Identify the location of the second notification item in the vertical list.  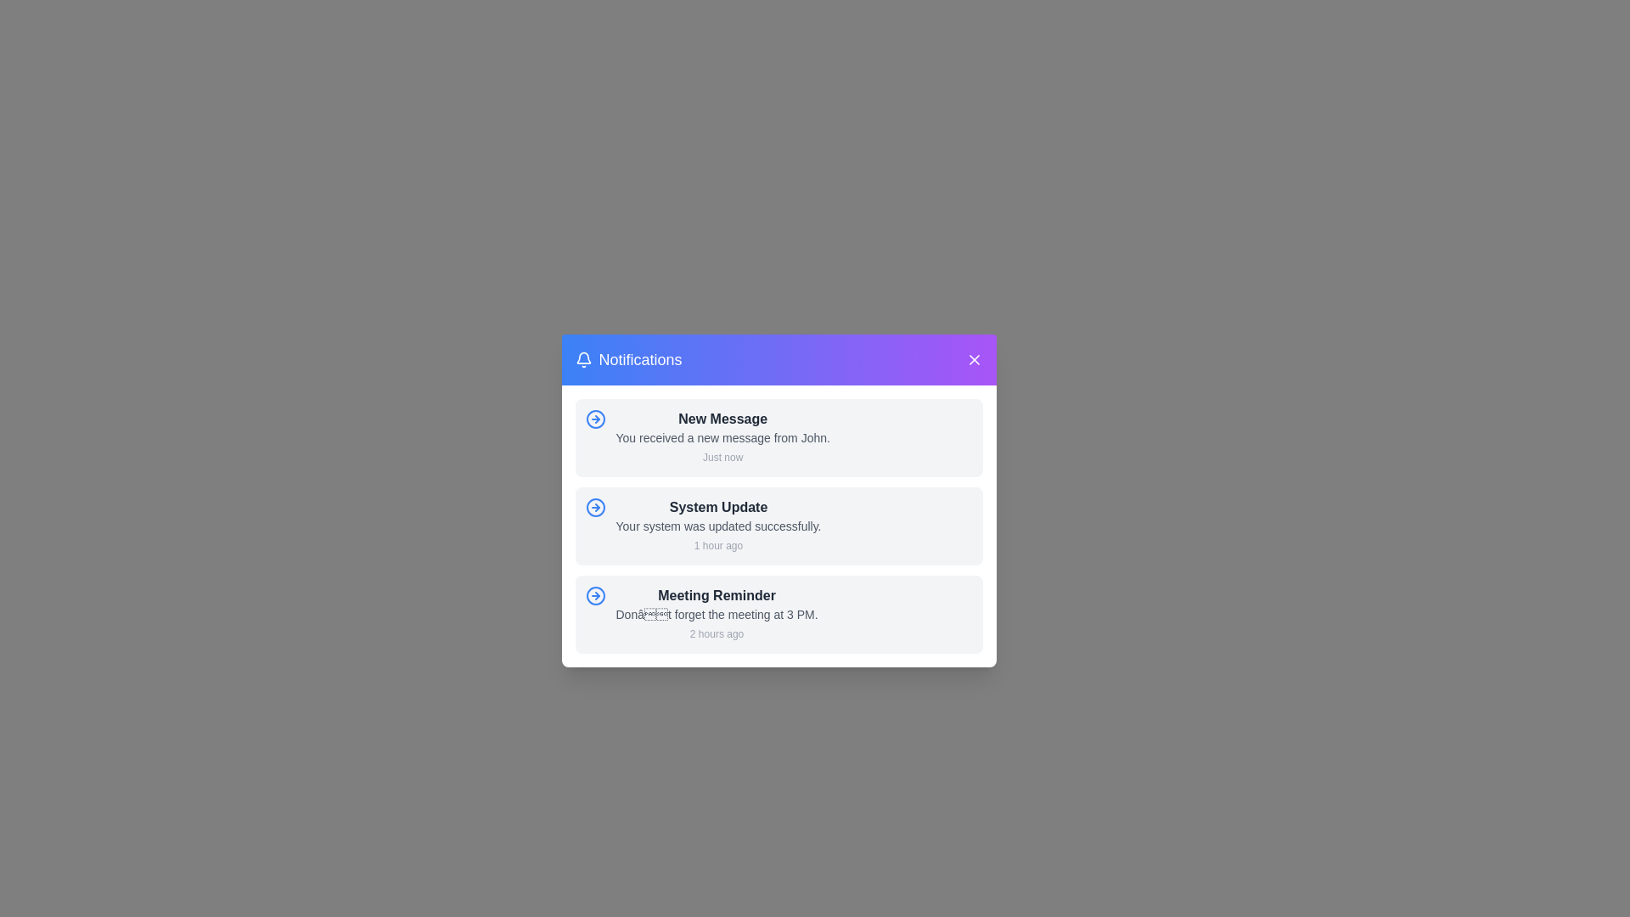
(718, 526).